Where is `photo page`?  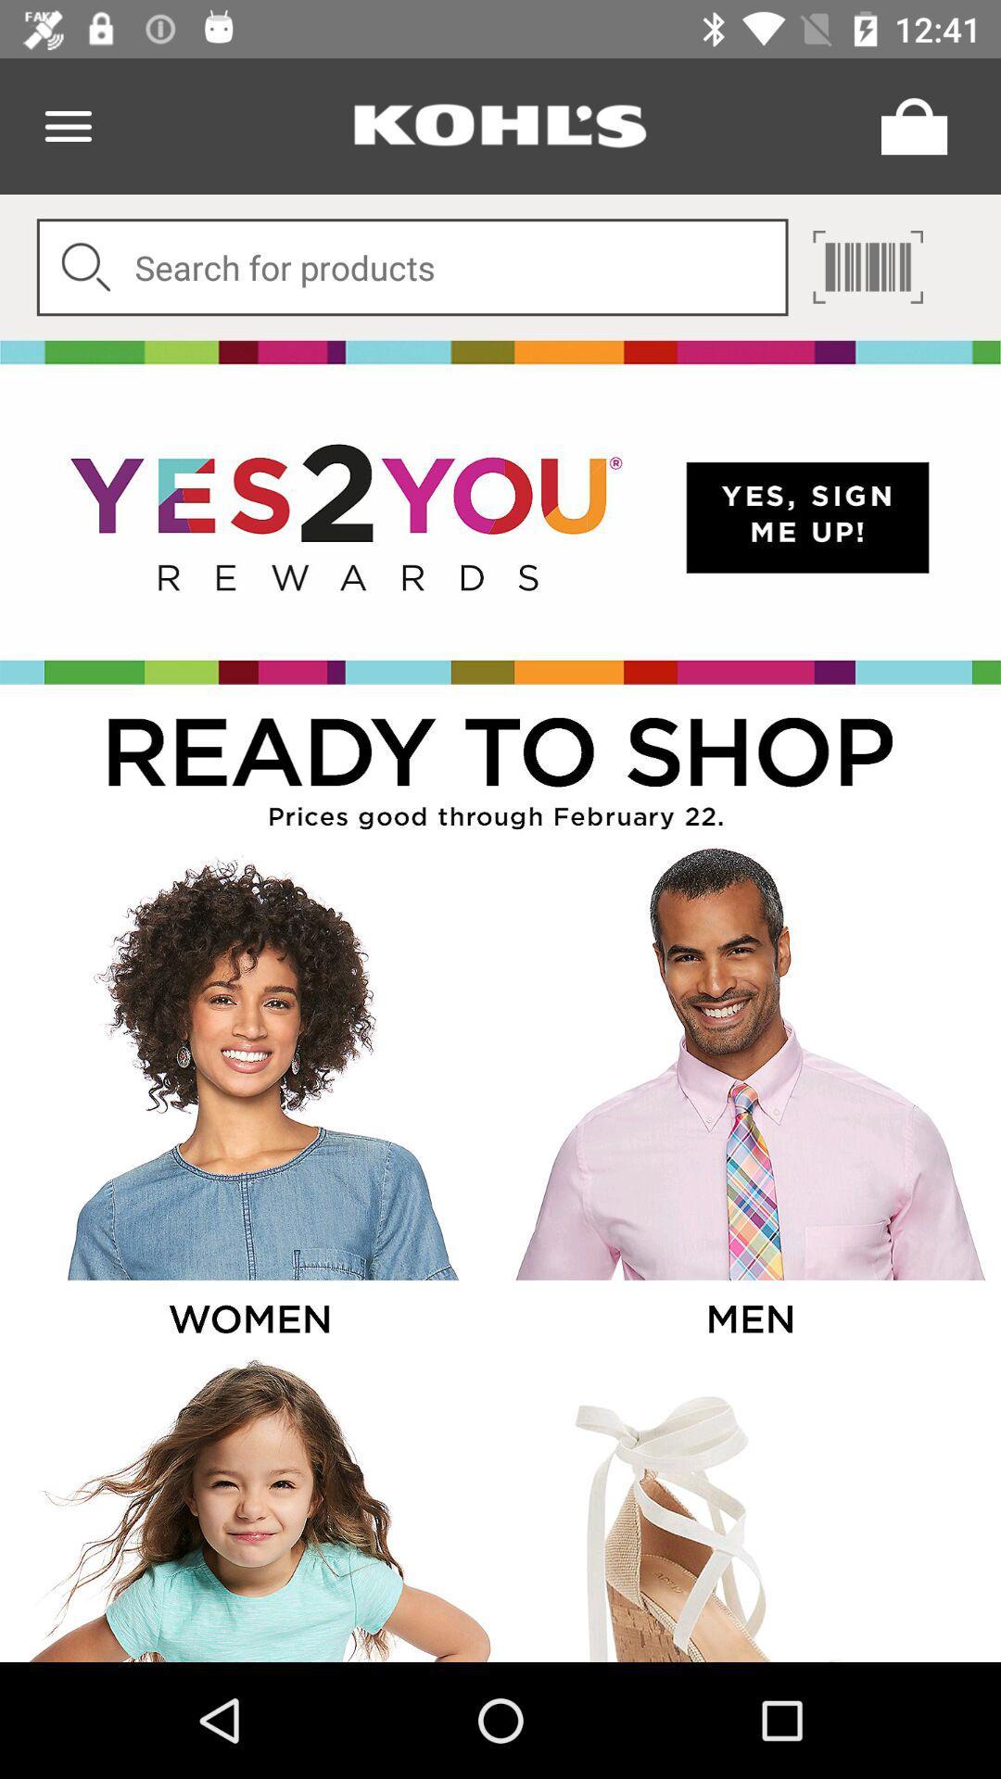
photo page is located at coordinates (247, 1099).